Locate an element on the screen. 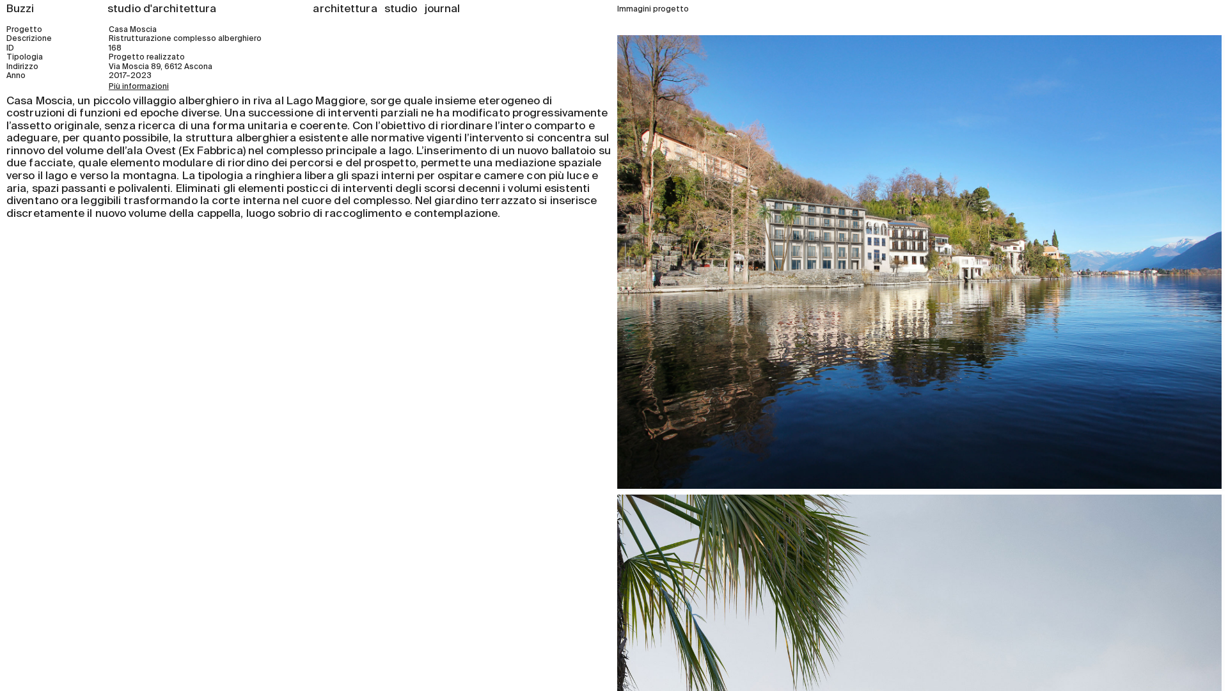  'studio' is located at coordinates (400, 9).